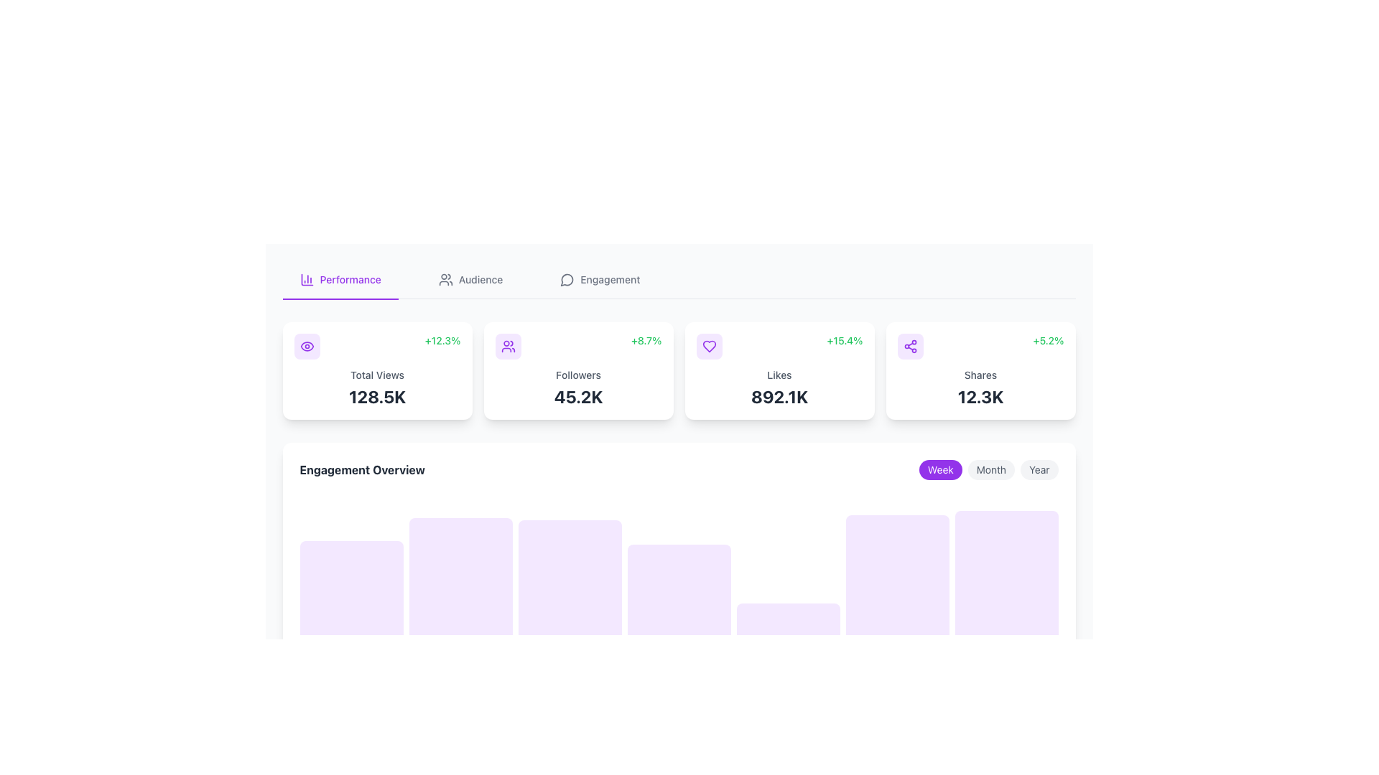 The image size is (1379, 775). What do you see at coordinates (1039, 470) in the screenshot?
I see `the 'Year' button, which is the third and rightmost button in a group of three, to observe the hover effect` at bounding box center [1039, 470].